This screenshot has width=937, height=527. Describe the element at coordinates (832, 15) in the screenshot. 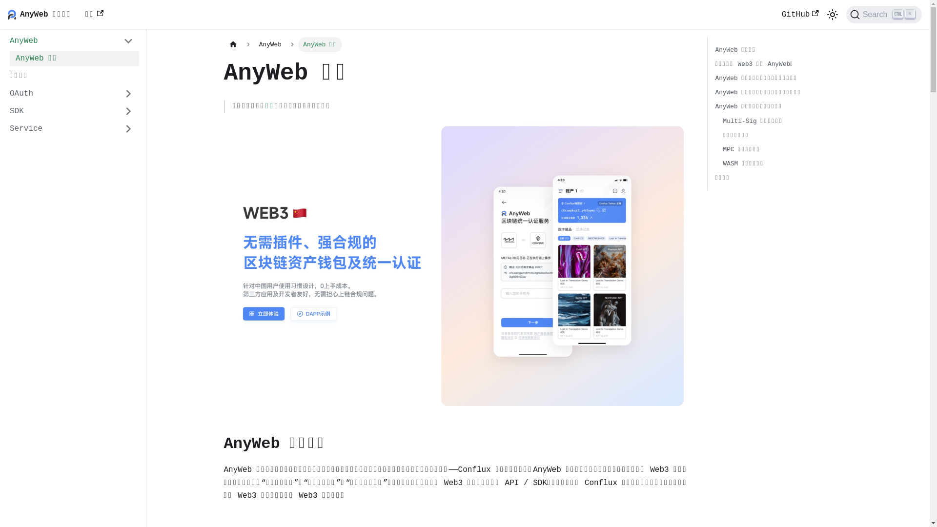

I see `'Switch between dark and light mode (currently light mode)'` at that location.